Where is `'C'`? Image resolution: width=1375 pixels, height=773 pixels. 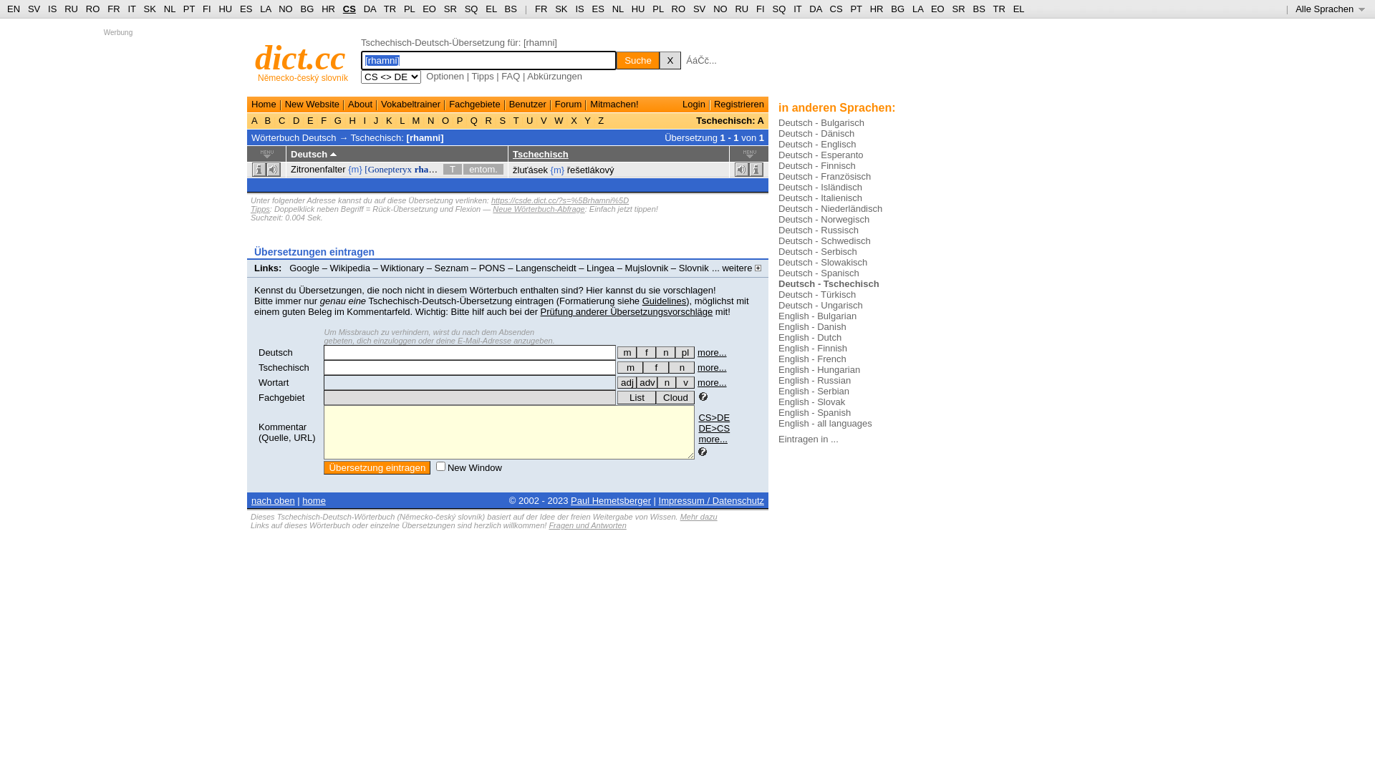 'C' is located at coordinates (281, 120).